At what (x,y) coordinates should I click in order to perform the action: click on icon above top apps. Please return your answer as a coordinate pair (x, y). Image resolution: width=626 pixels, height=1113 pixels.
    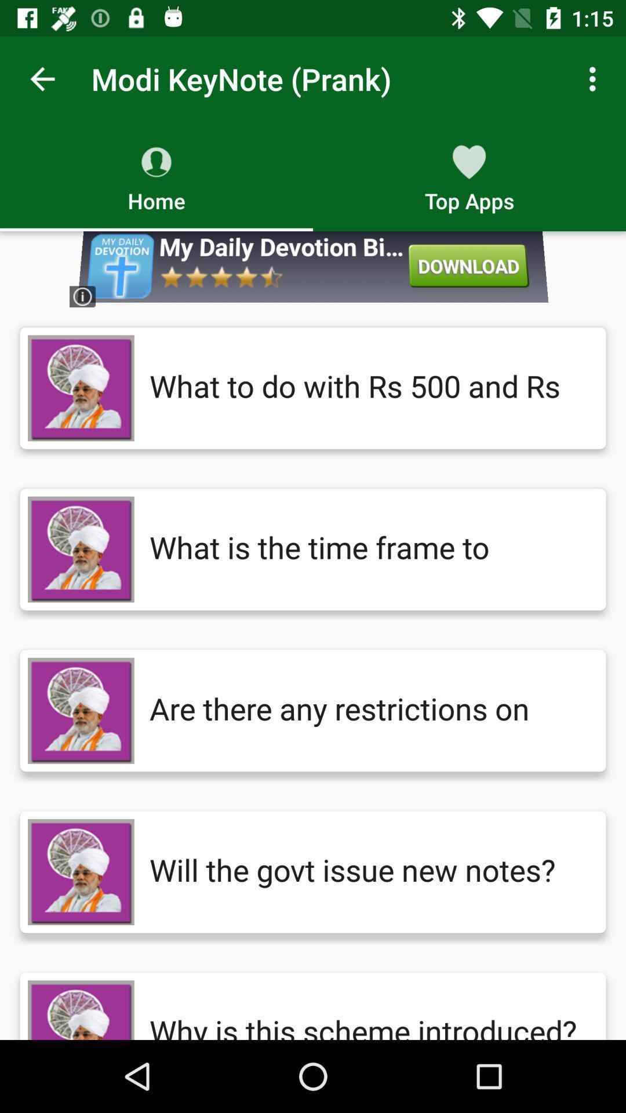
    Looking at the image, I should click on (595, 78).